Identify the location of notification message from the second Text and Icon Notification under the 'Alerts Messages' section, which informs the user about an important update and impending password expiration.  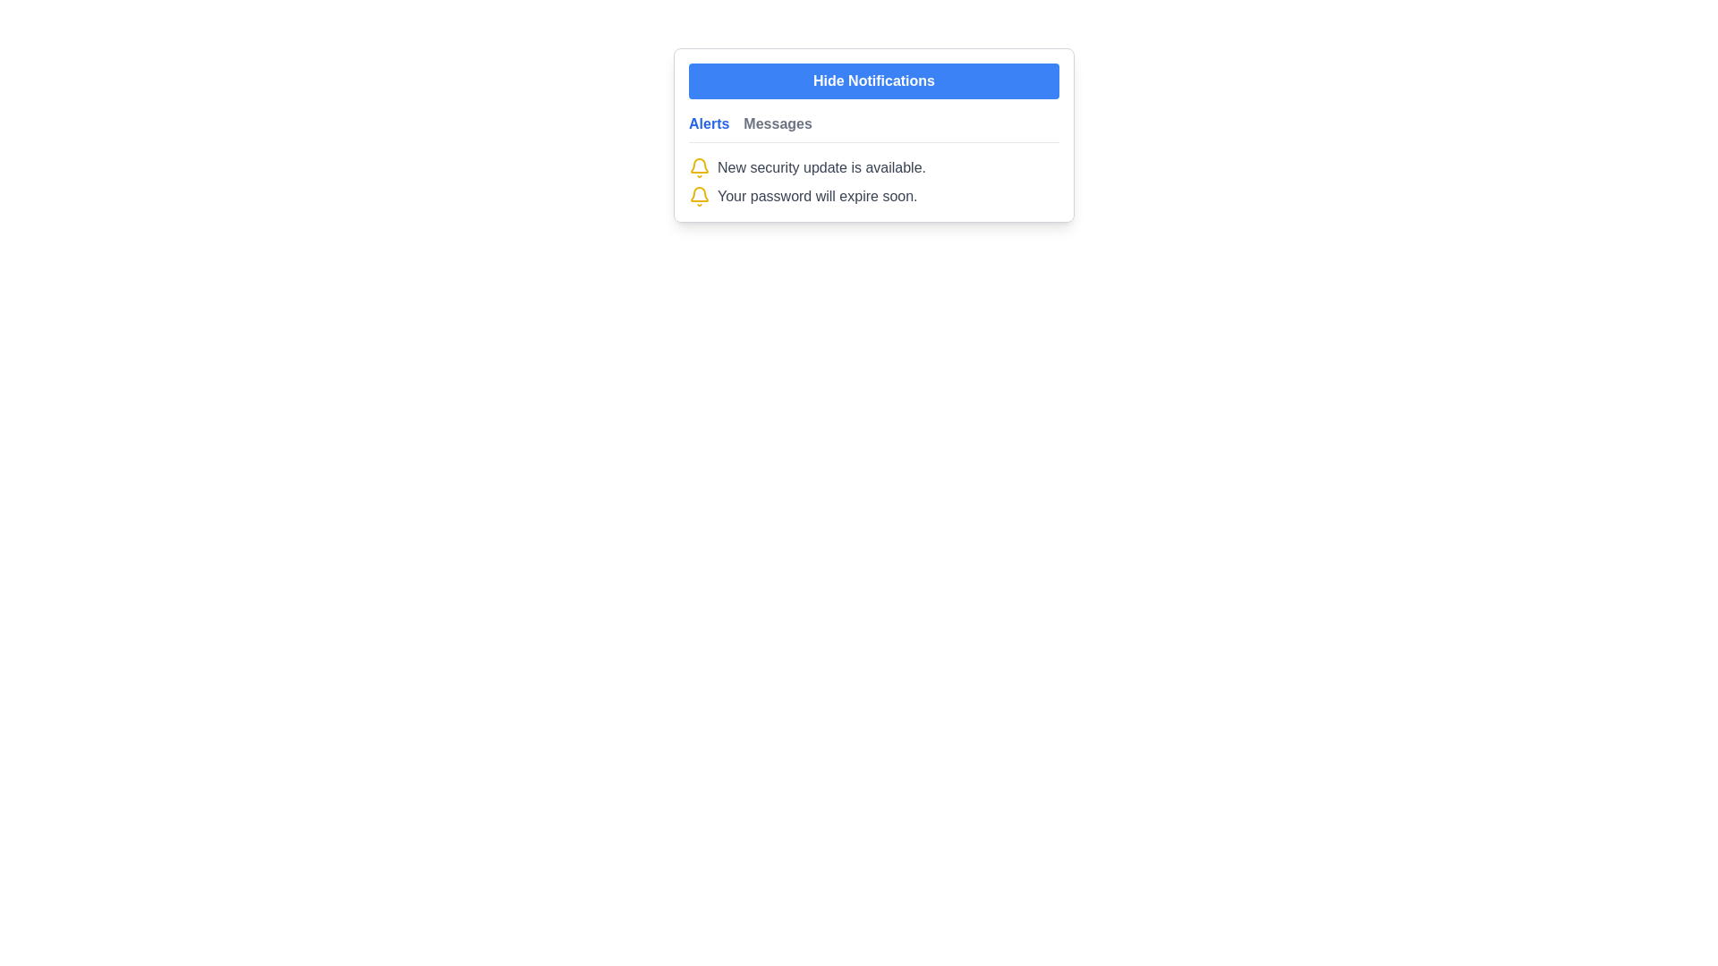
(874, 182).